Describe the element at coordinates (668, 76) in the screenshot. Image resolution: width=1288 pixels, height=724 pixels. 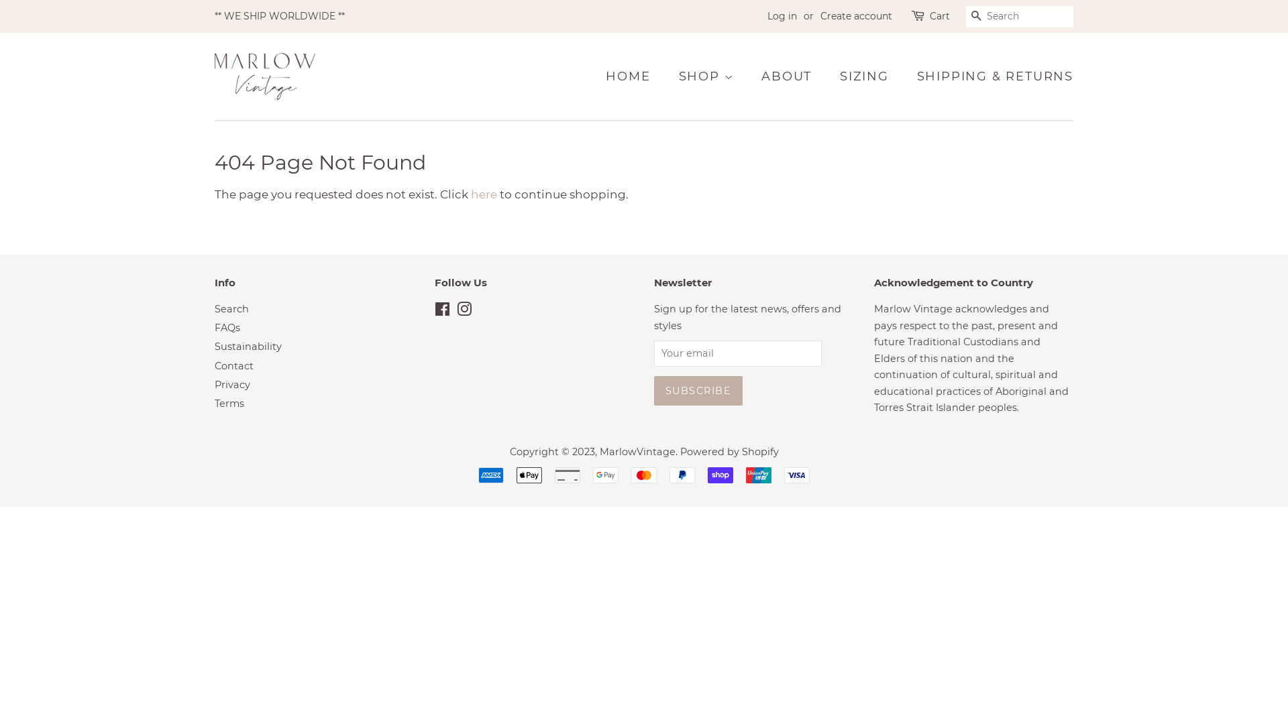
I see `'SHOP'` at that location.